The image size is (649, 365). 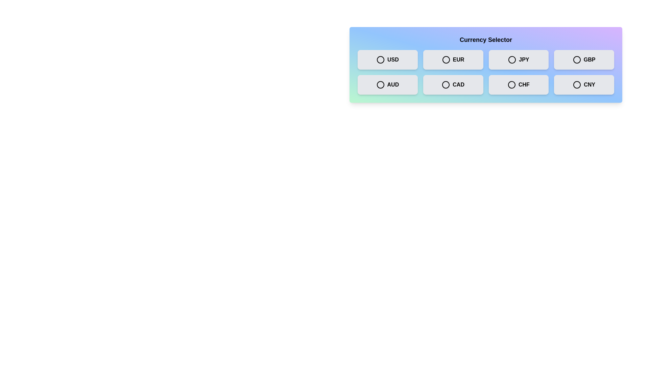 What do you see at coordinates (387, 84) in the screenshot?
I see `the currency box labeled AUD to observe the hover effect` at bounding box center [387, 84].